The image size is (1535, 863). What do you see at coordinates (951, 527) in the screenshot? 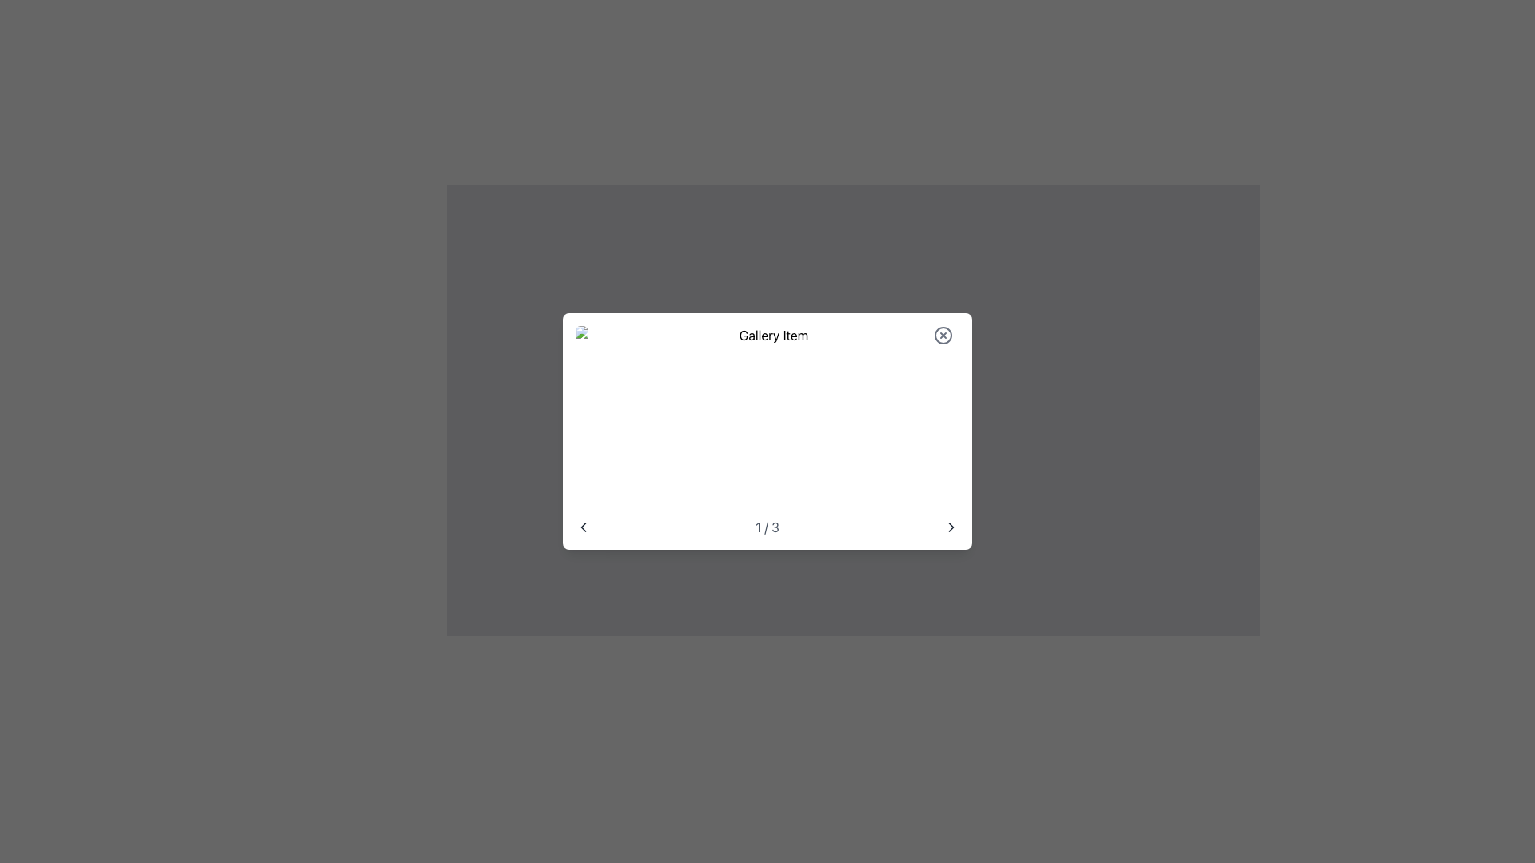
I see `the compact gray button with a right-pointing arrow located at the far right of the navigation section, adjacent to the pagination text` at bounding box center [951, 527].